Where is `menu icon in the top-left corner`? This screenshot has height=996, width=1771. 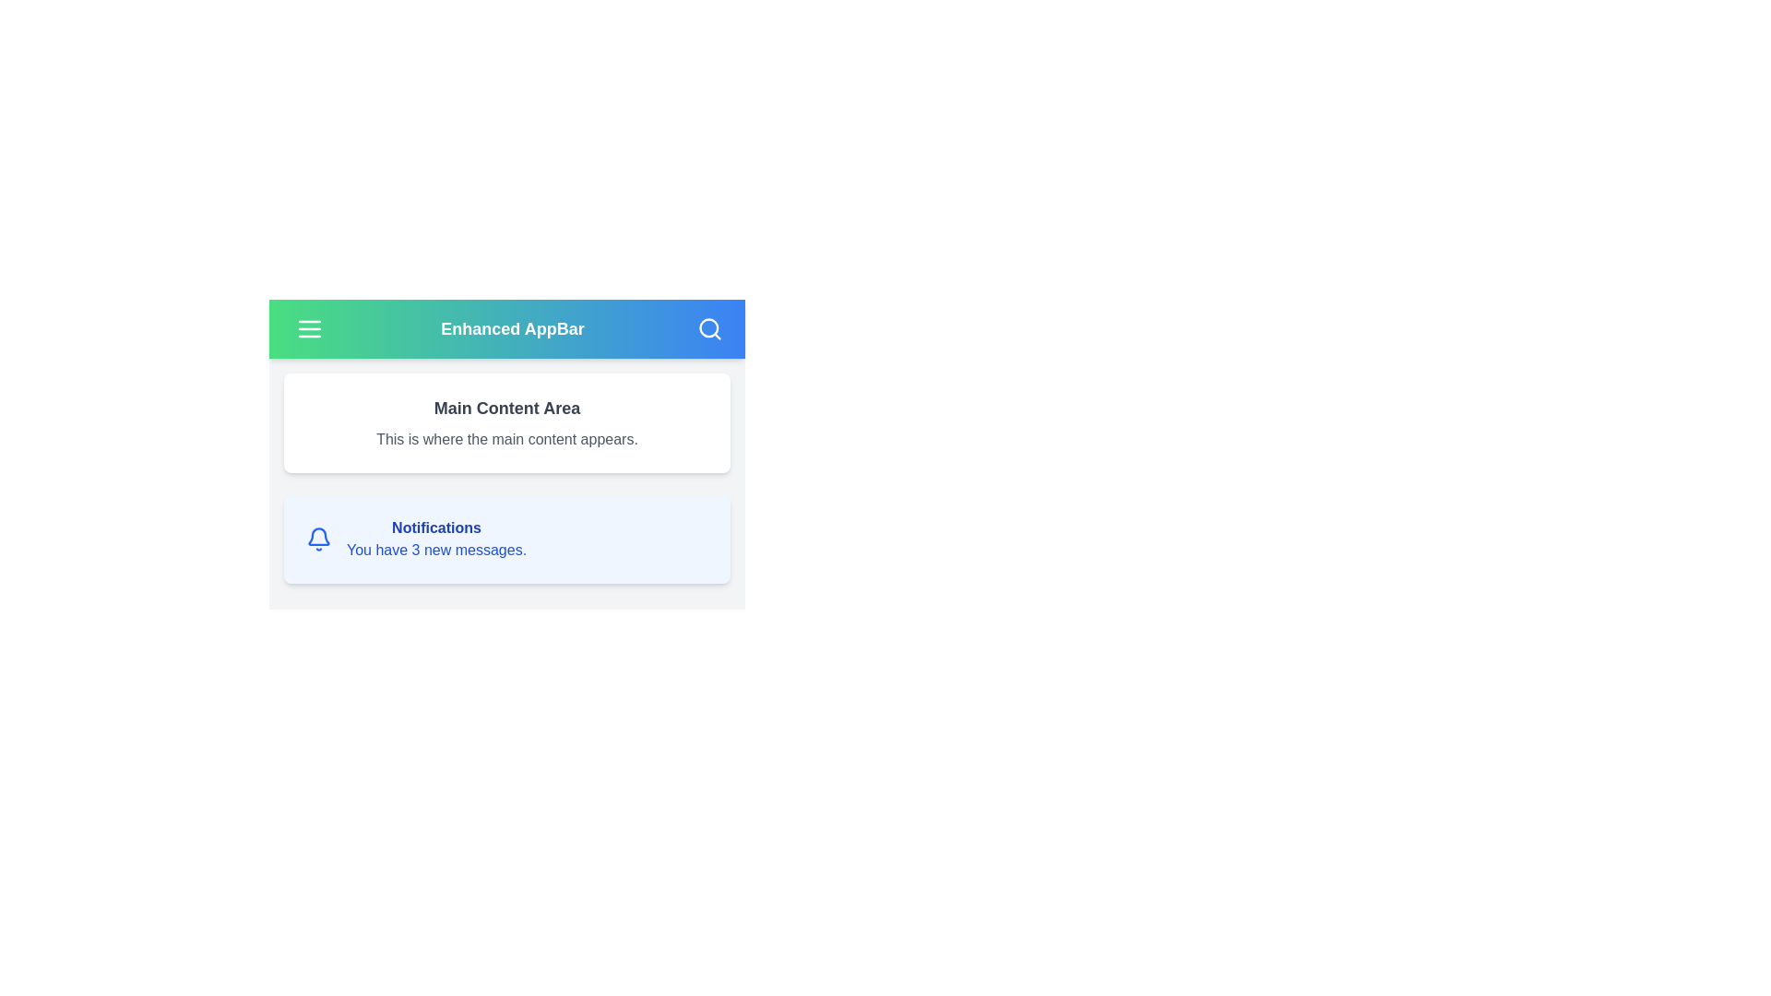 menu icon in the top-left corner is located at coordinates (310, 328).